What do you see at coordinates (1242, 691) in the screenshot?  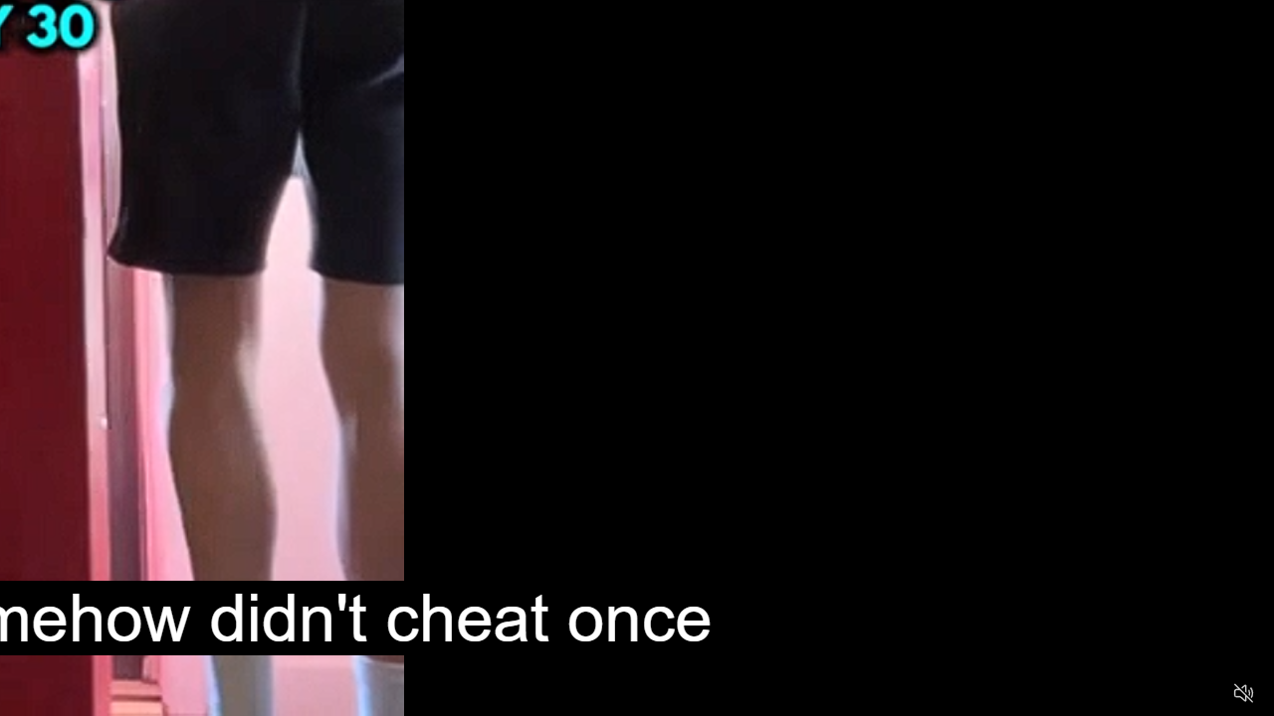 I see `'Unmute'` at bounding box center [1242, 691].